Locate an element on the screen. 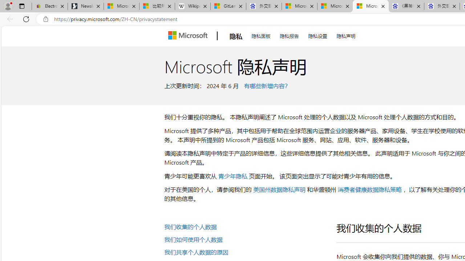  'Wikipedia' is located at coordinates (193, 6).